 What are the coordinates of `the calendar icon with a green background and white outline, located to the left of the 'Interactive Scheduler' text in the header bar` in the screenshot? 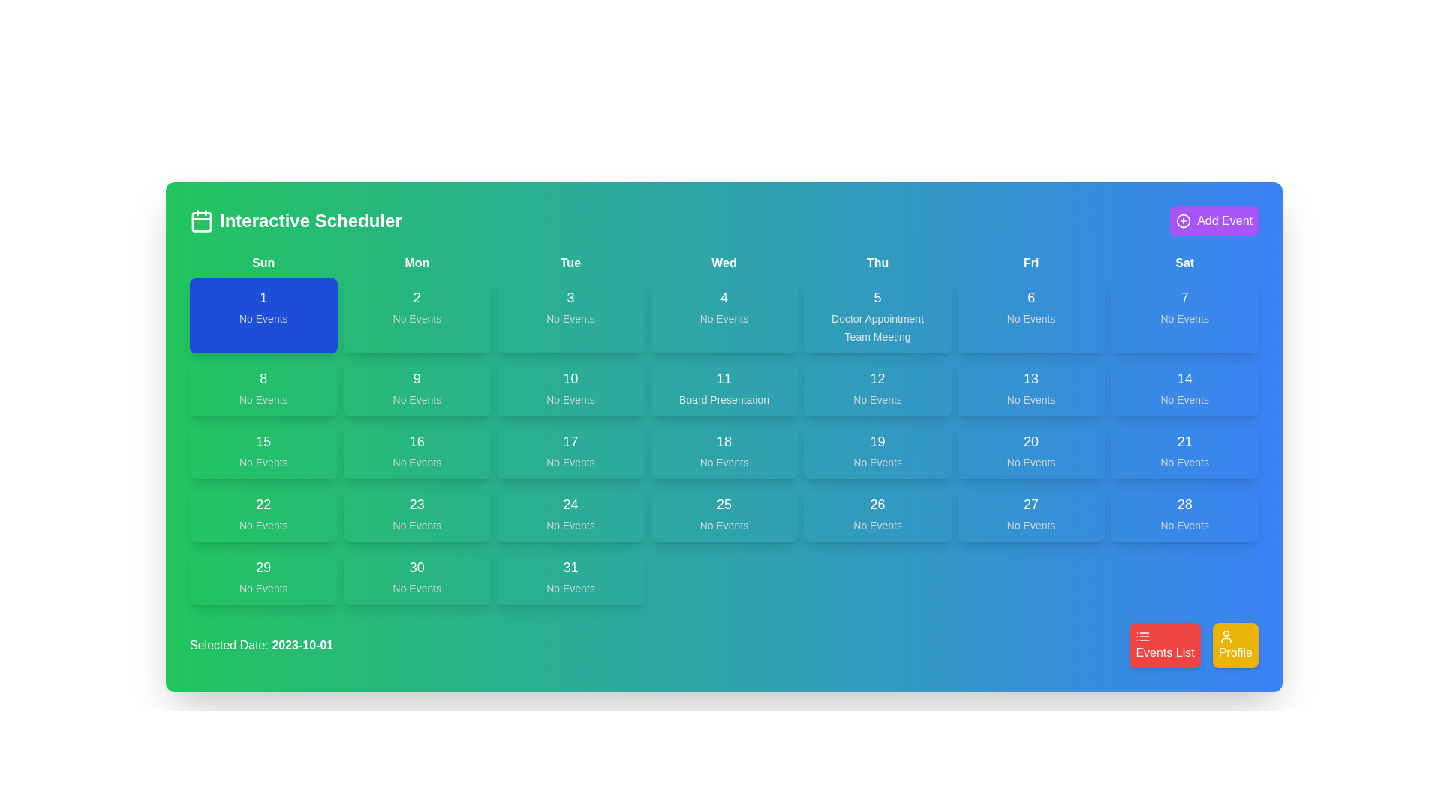 It's located at (200, 220).